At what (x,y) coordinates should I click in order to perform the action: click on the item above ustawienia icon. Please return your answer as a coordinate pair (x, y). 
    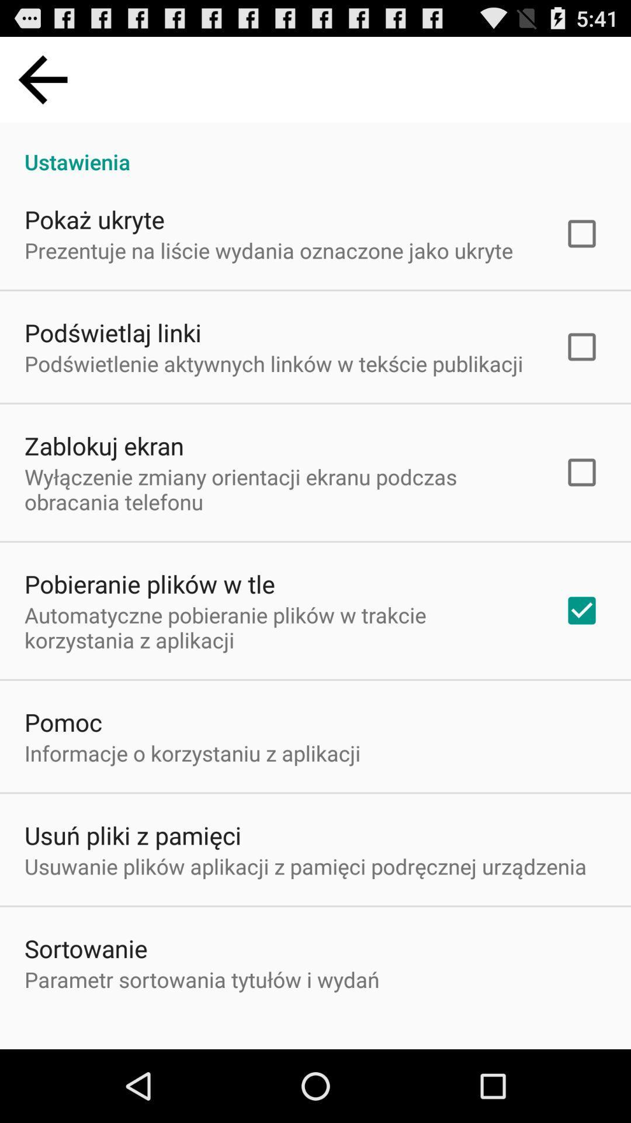
    Looking at the image, I should click on (42, 79).